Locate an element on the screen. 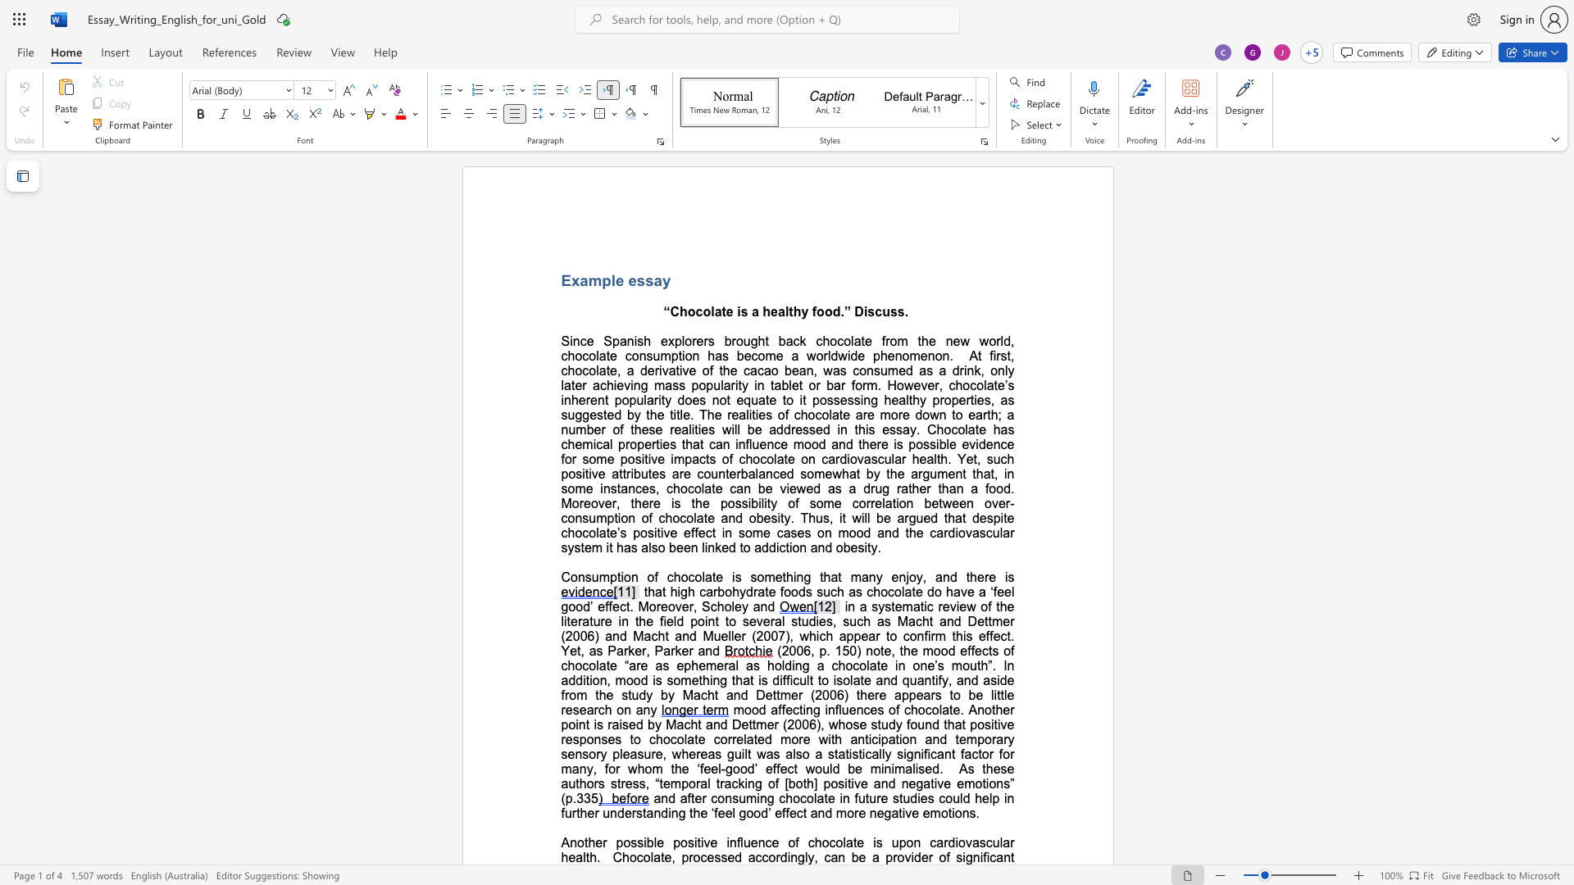 Image resolution: width=1574 pixels, height=885 pixels. the space between the continuous character "e" and "s" in the text is located at coordinates (658, 474).